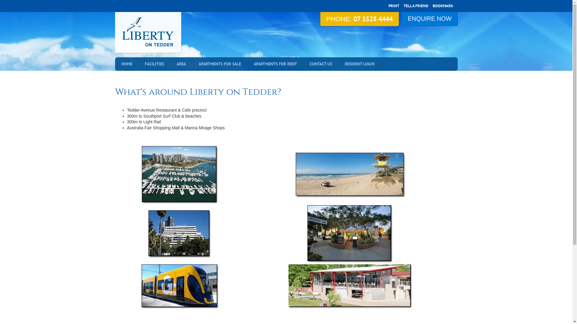 The image size is (577, 324). What do you see at coordinates (126, 64) in the screenshot?
I see `'HOME'` at bounding box center [126, 64].